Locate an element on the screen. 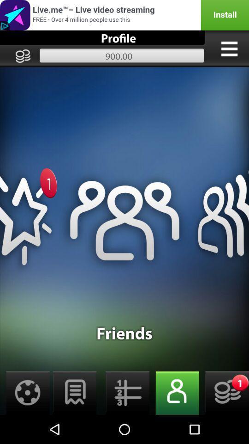  the globe icon is located at coordinates (25, 420).